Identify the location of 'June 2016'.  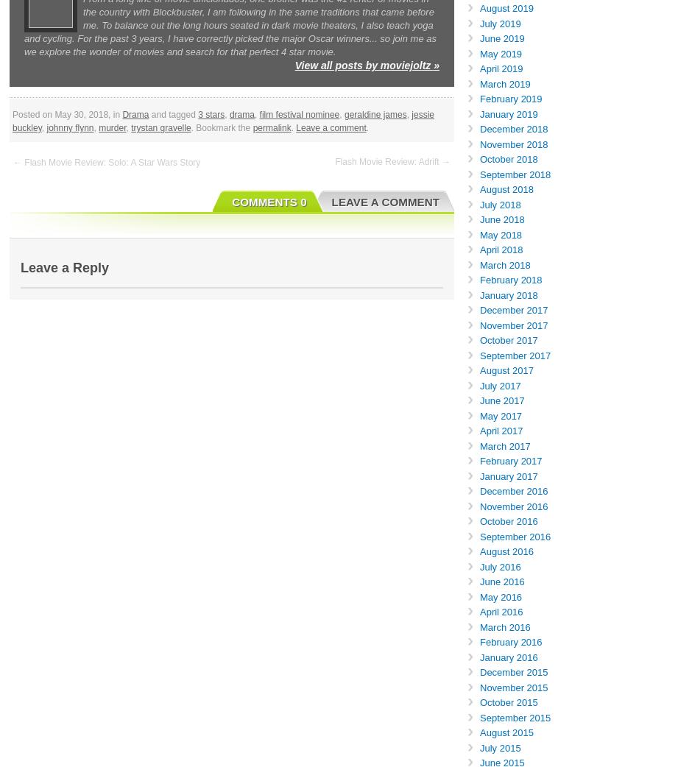
(501, 582).